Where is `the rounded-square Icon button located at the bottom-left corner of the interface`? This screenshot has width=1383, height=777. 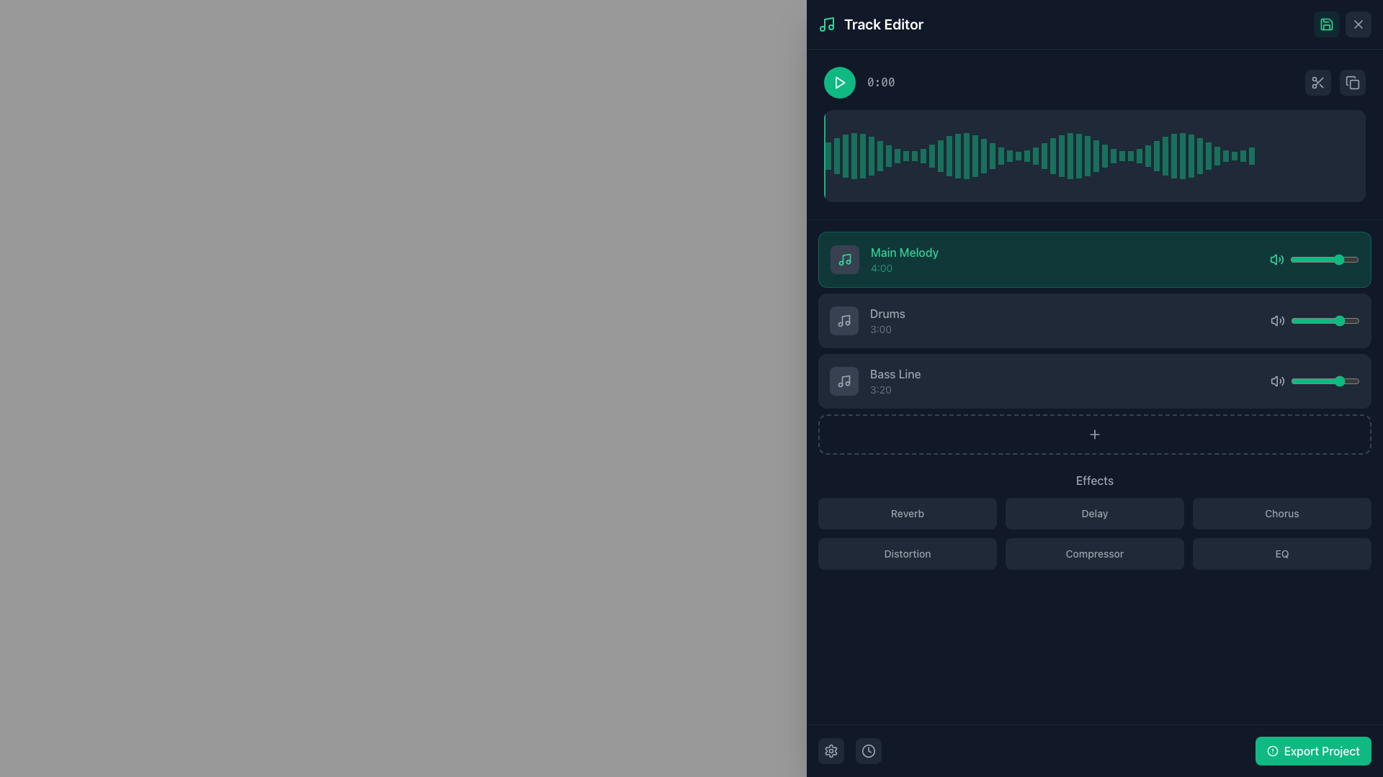
the rounded-square Icon button located at the bottom-left corner of the interface is located at coordinates (831, 750).